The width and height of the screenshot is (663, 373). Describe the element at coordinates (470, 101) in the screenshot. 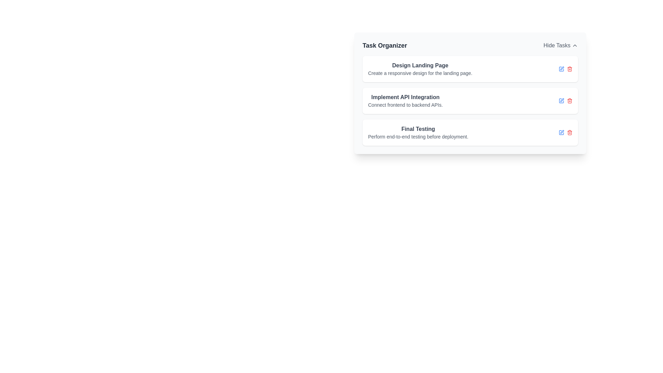

I see `task details of the list item titled 'Implement API Integration' which is the second item in the 'Task Organizer' section` at that location.